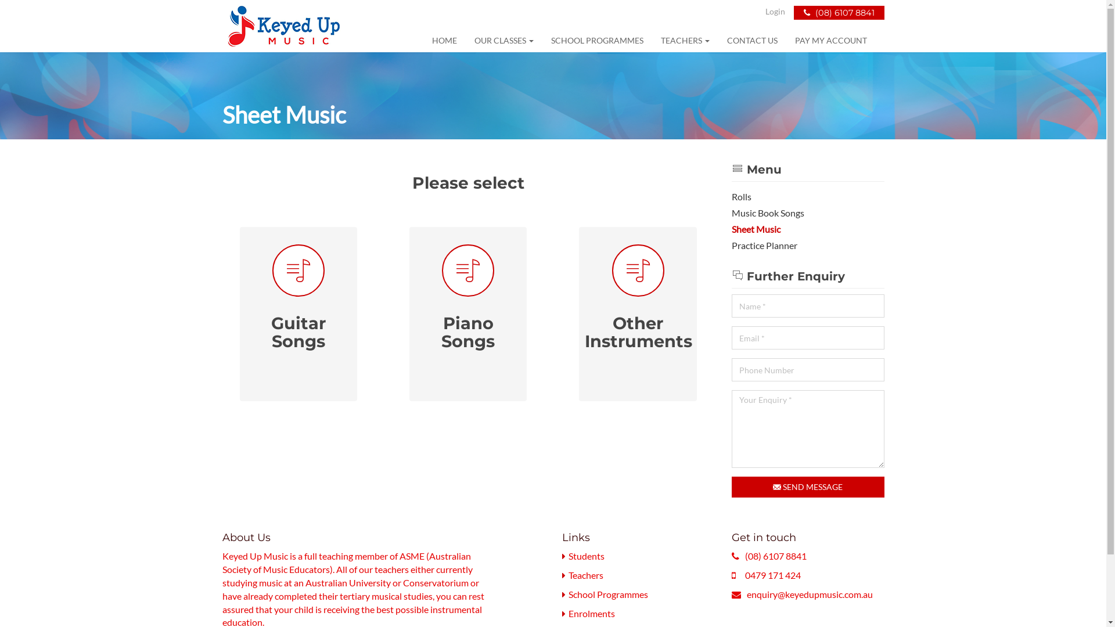  I want to click on 'SCHOOL PROGRAMMES', so click(597, 39).